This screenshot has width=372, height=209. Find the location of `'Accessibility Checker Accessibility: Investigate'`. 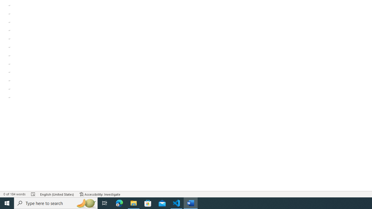

'Accessibility Checker Accessibility: Investigate' is located at coordinates (100, 194).